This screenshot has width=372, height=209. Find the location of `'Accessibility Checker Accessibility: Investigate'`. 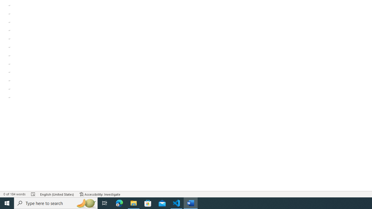

'Accessibility Checker Accessibility: Investigate' is located at coordinates (100, 194).